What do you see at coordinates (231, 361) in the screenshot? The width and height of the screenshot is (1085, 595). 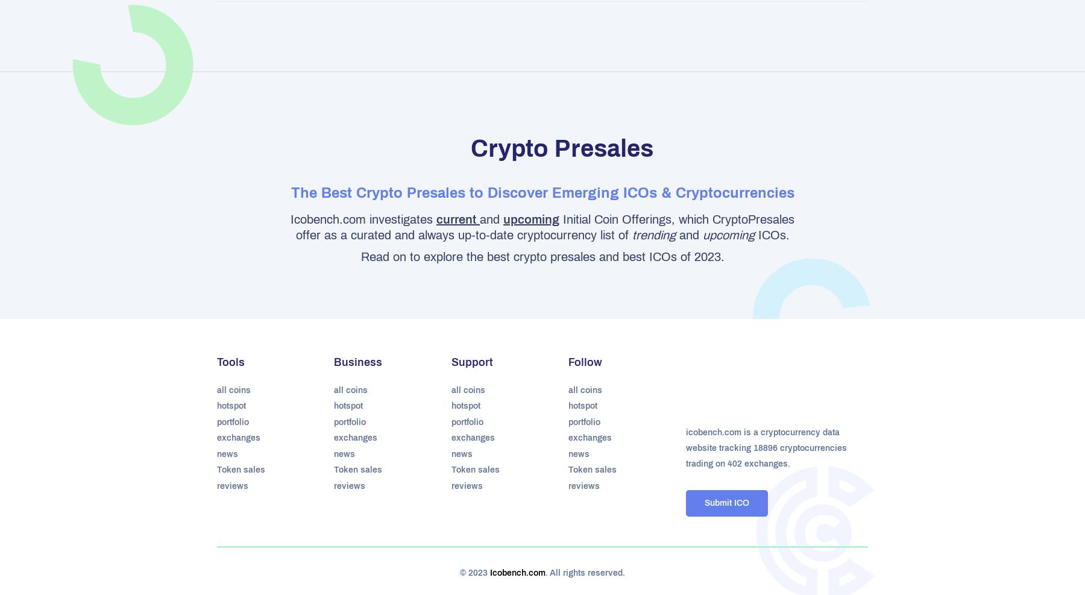 I see `'tools'` at bounding box center [231, 361].